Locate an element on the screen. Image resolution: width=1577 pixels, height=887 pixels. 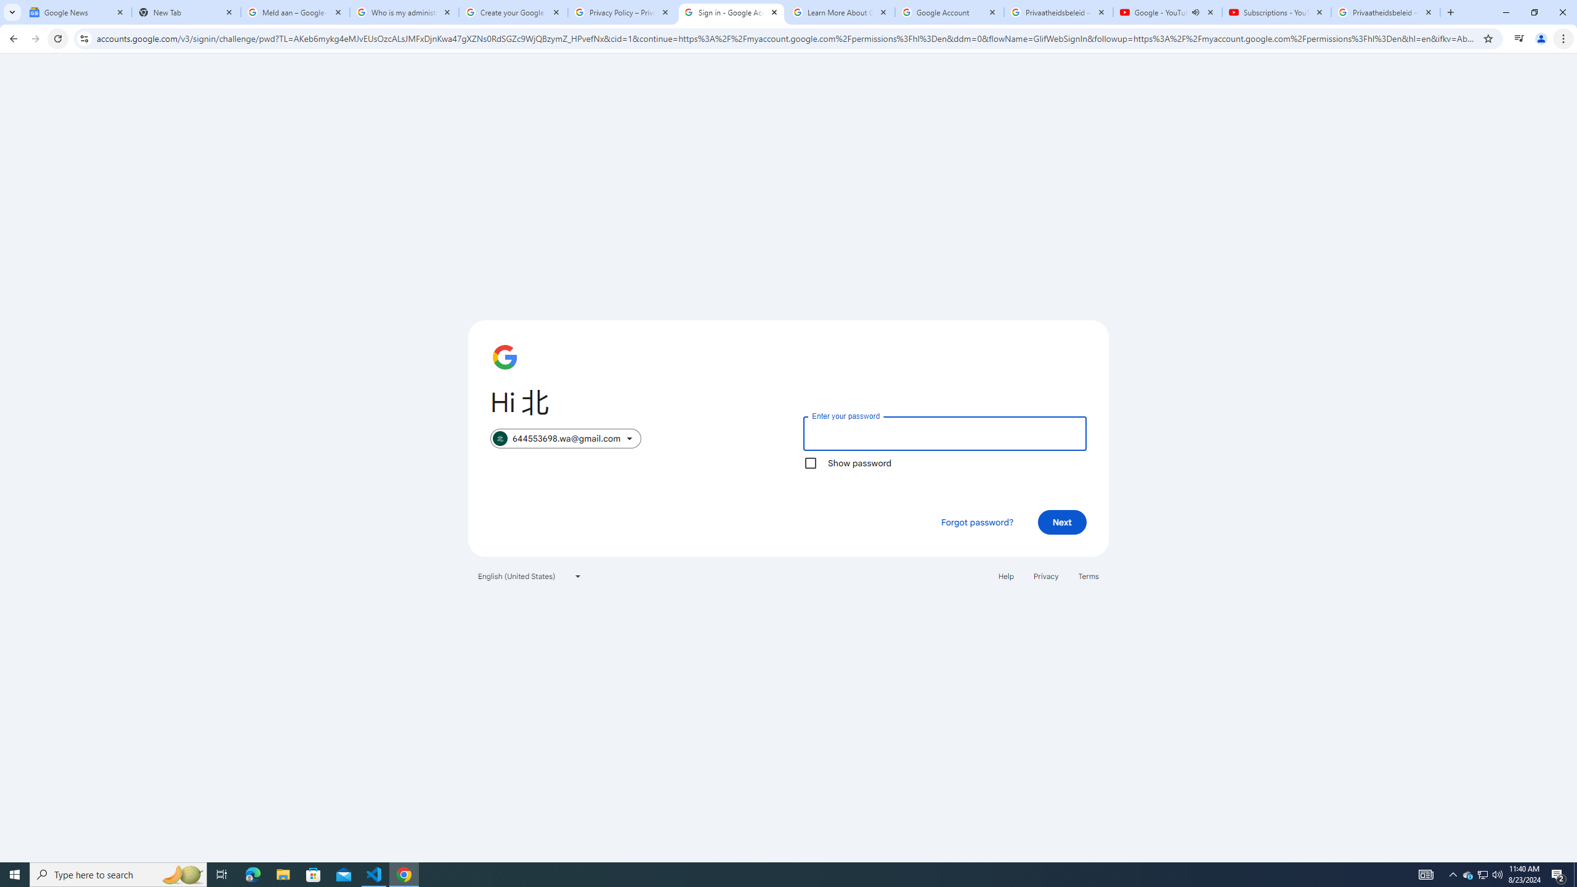
'Create your Google Account' is located at coordinates (513, 12).